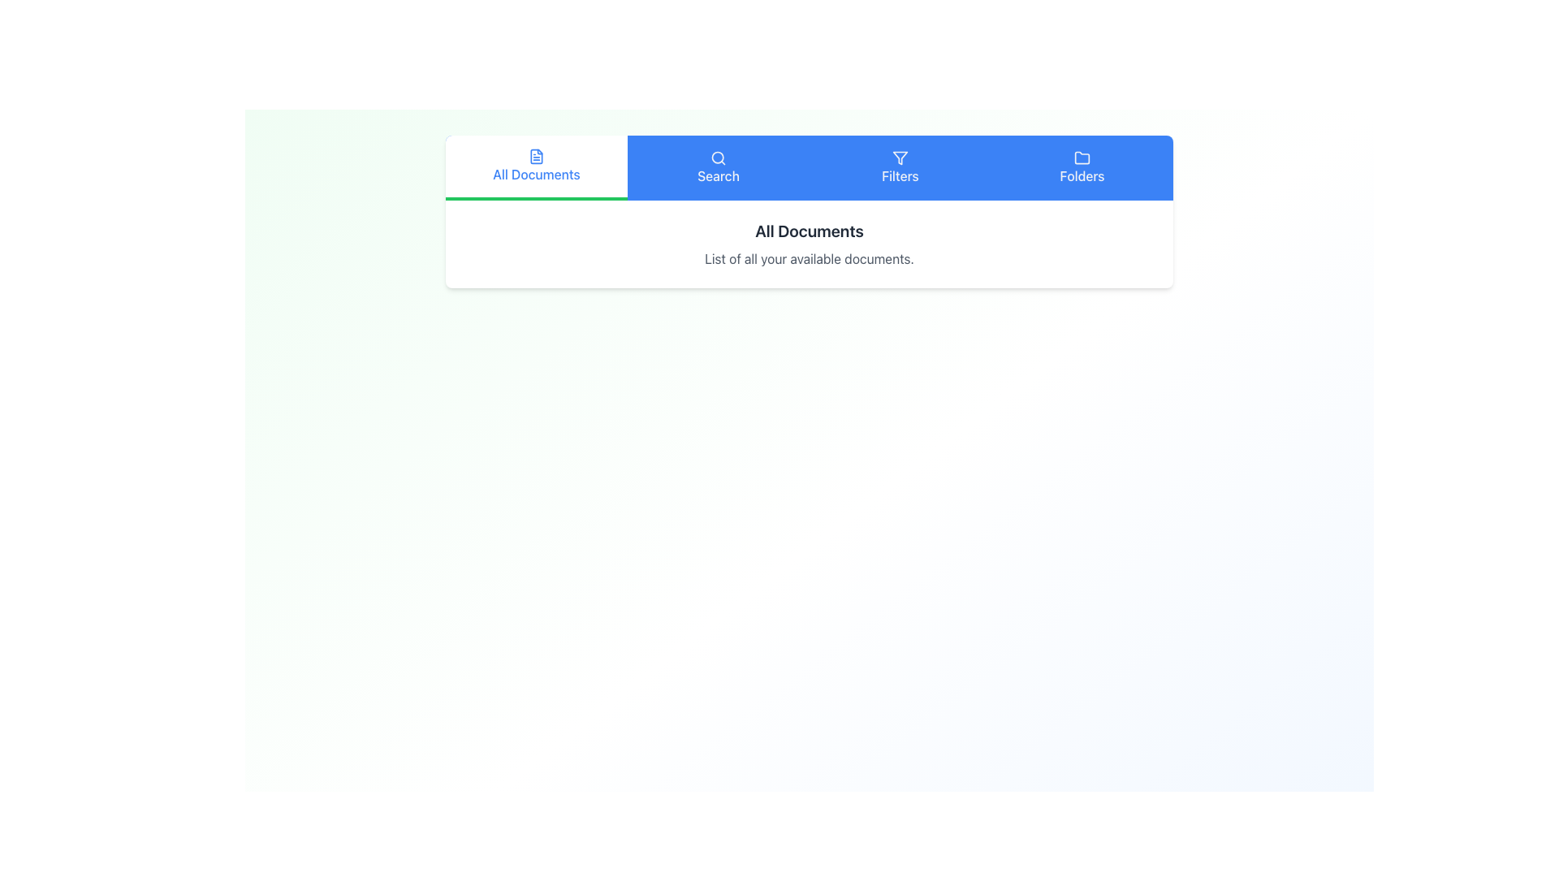  What do you see at coordinates (810, 244) in the screenshot?
I see `the relevant sections by interacting with the textual header that introduces the main content area displaying all documents available to the user` at bounding box center [810, 244].